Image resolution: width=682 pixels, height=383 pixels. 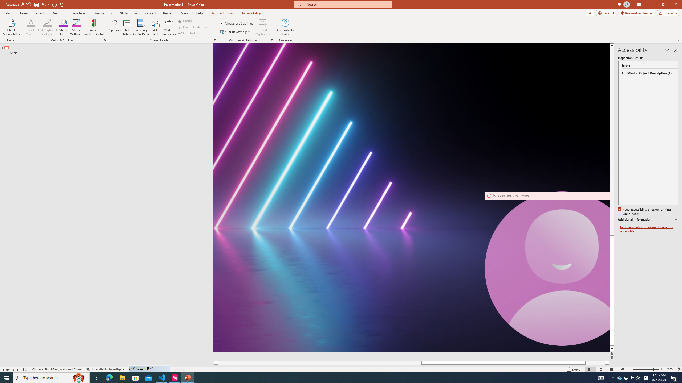 I want to click on 'AutoSave', so click(x=18, y=4).